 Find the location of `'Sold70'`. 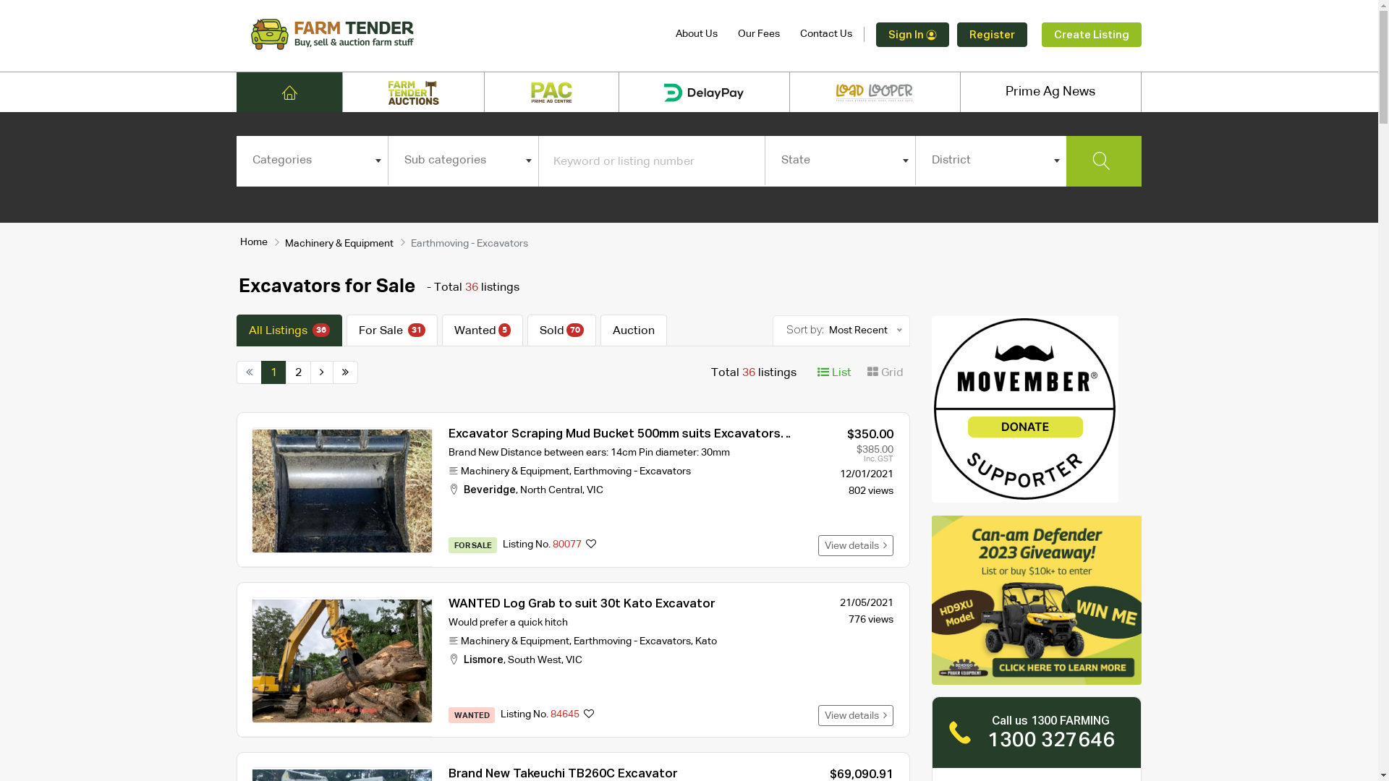

'Sold70' is located at coordinates (561, 330).